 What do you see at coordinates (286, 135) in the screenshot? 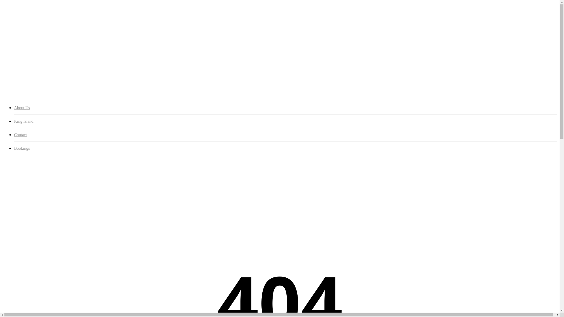
I see `'Contact'` at bounding box center [286, 135].